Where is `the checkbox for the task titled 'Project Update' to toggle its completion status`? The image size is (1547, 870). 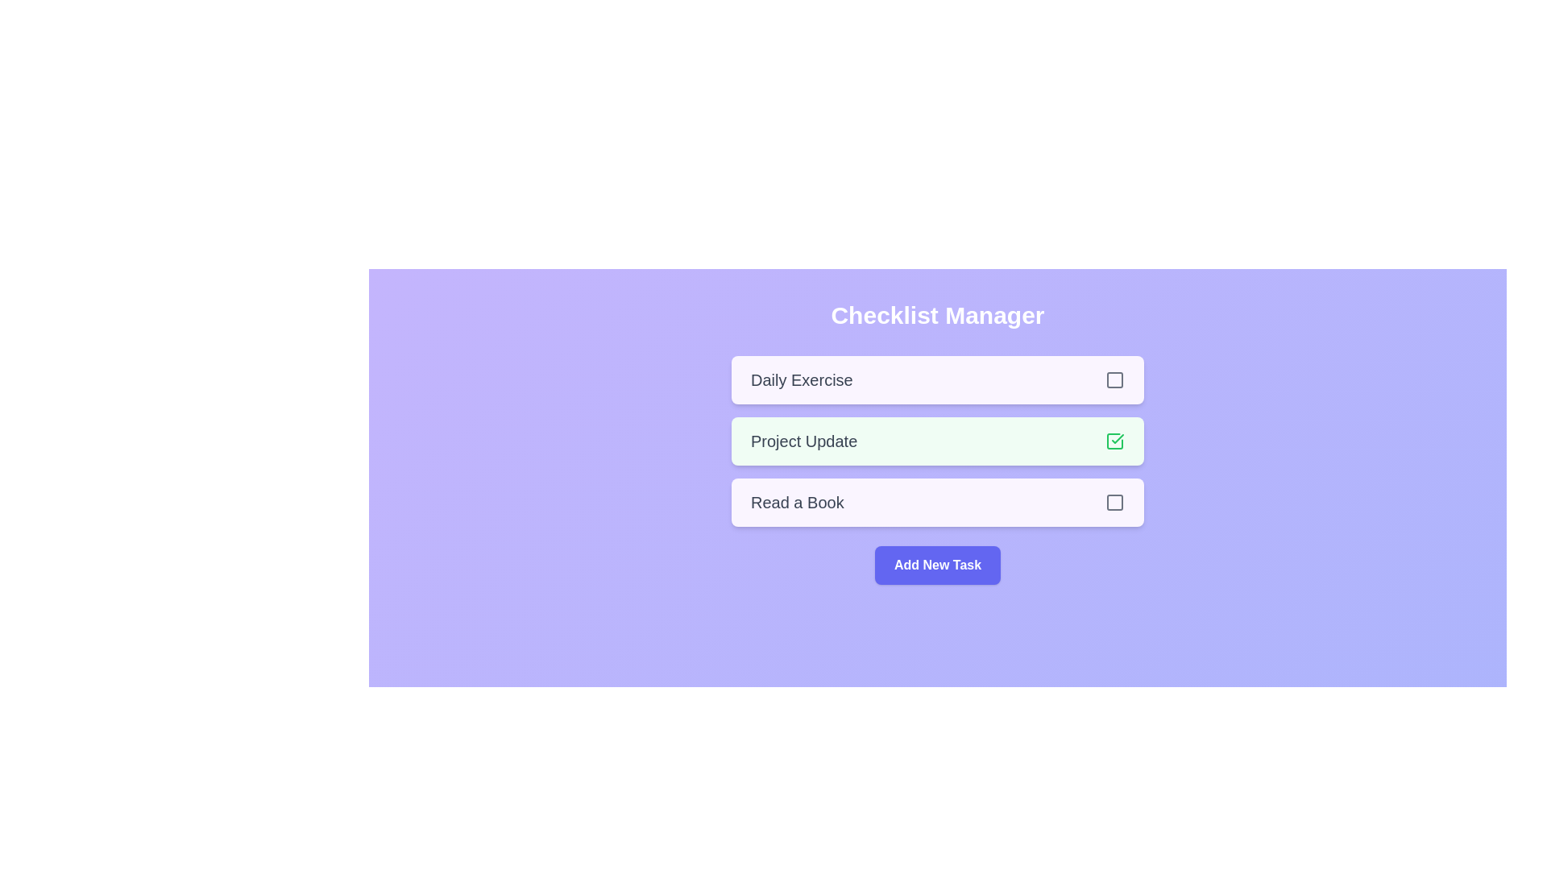
the checkbox for the task titled 'Project Update' to toggle its completion status is located at coordinates (1114, 441).